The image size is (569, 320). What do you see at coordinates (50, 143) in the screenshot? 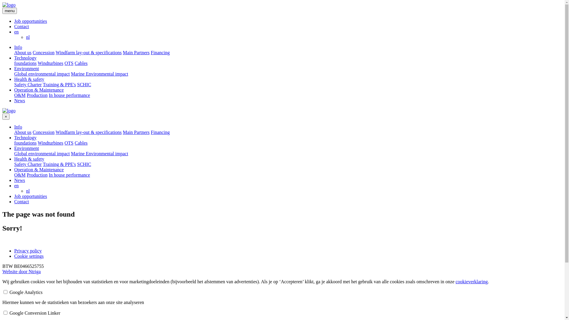
I see `'Windturbines'` at bounding box center [50, 143].